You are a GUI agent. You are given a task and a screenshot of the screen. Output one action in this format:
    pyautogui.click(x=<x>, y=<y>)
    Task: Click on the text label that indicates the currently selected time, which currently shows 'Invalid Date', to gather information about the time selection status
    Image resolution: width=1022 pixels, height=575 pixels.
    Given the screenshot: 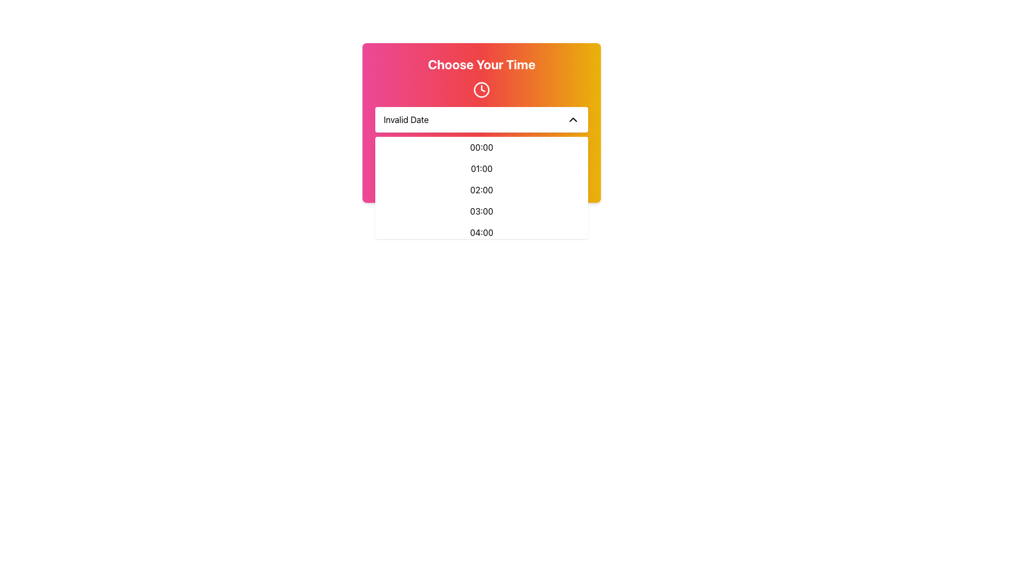 What is the action you would take?
    pyautogui.click(x=481, y=174)
    